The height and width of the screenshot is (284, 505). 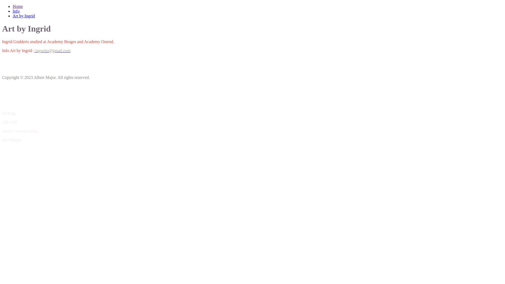 I want to click on 'Info', so click(x=16, y=11).